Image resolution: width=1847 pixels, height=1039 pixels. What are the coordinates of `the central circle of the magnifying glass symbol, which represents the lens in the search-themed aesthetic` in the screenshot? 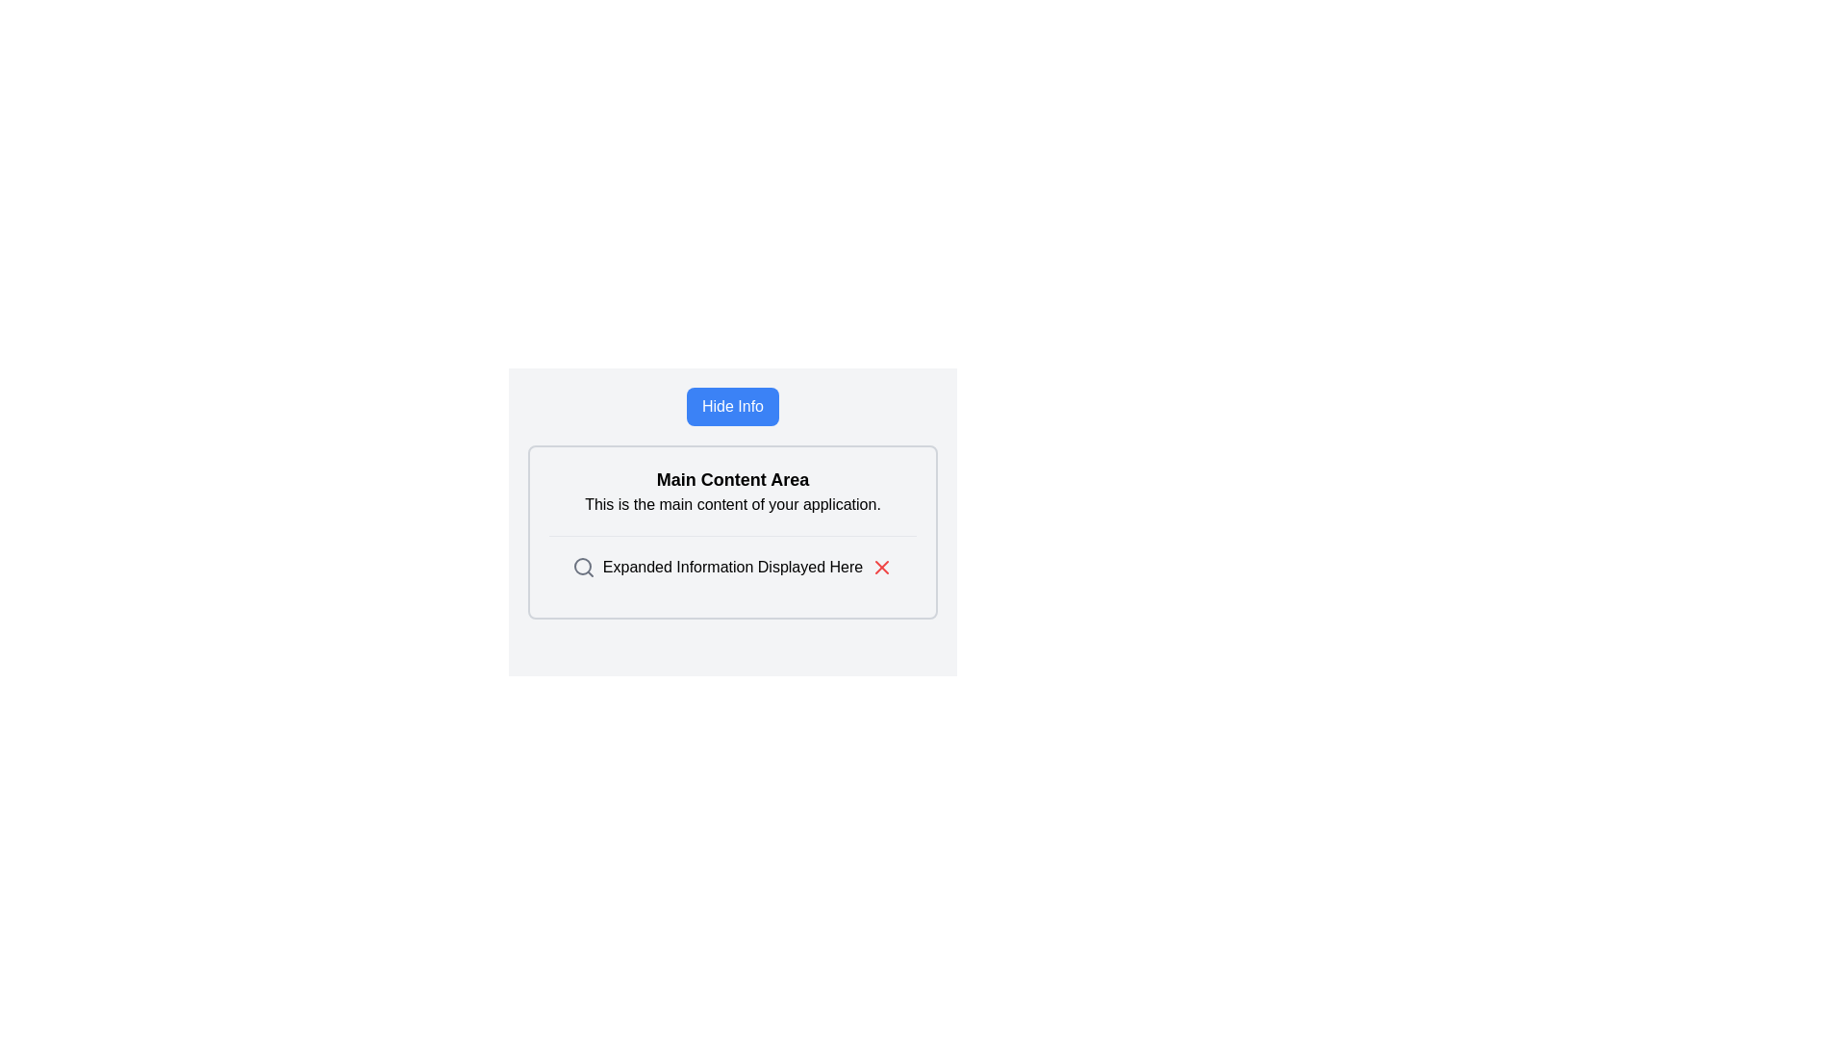 It's located at (581, 566).